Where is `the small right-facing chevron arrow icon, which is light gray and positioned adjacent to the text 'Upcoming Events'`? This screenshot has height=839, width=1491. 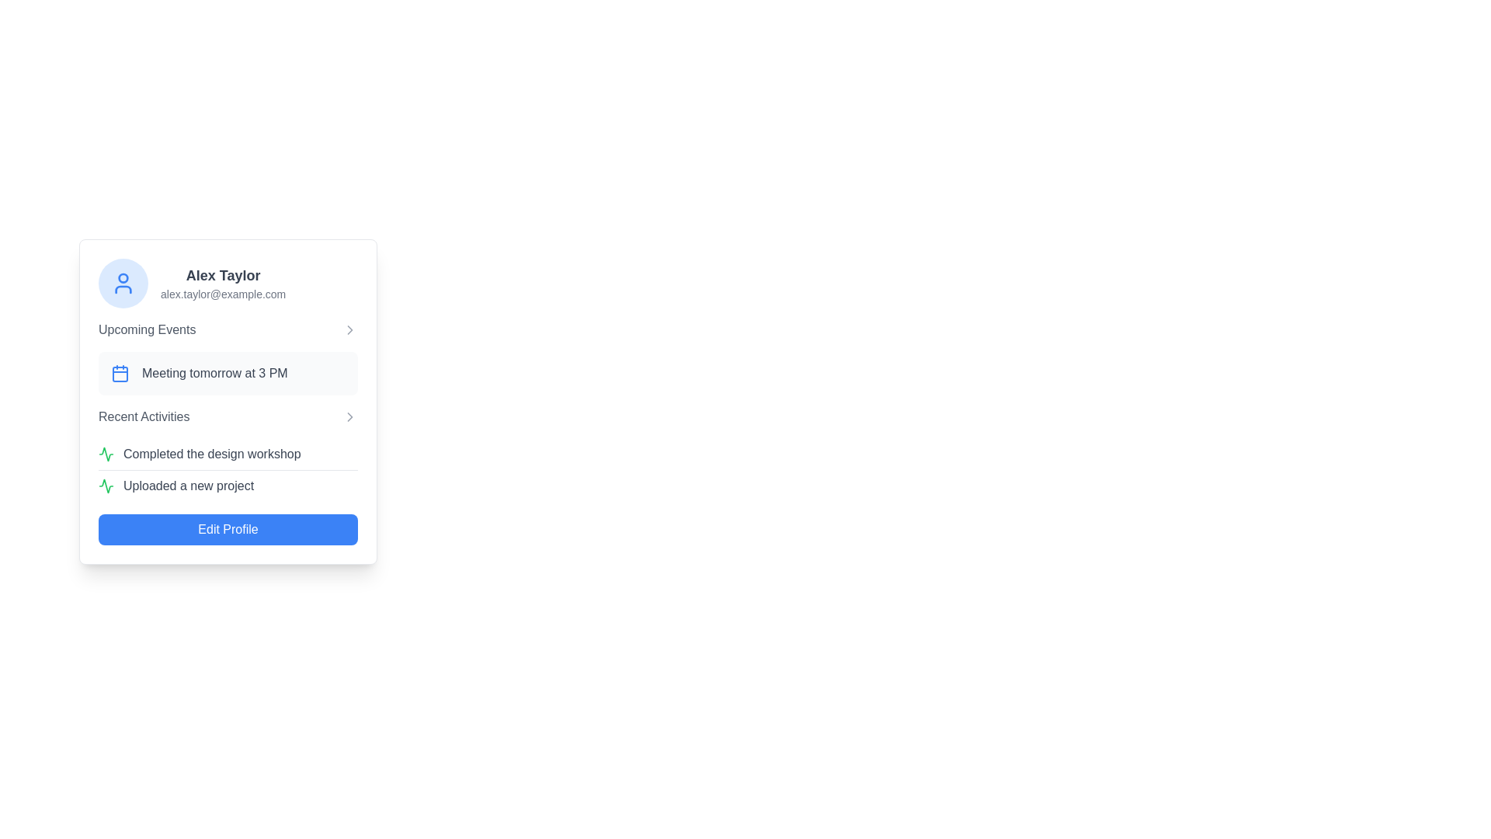
the small right-facing chevron arrow icon, which is light gray and positioned adjacent to the text 'Upcoming Events' is located at coordinates (349, 329).